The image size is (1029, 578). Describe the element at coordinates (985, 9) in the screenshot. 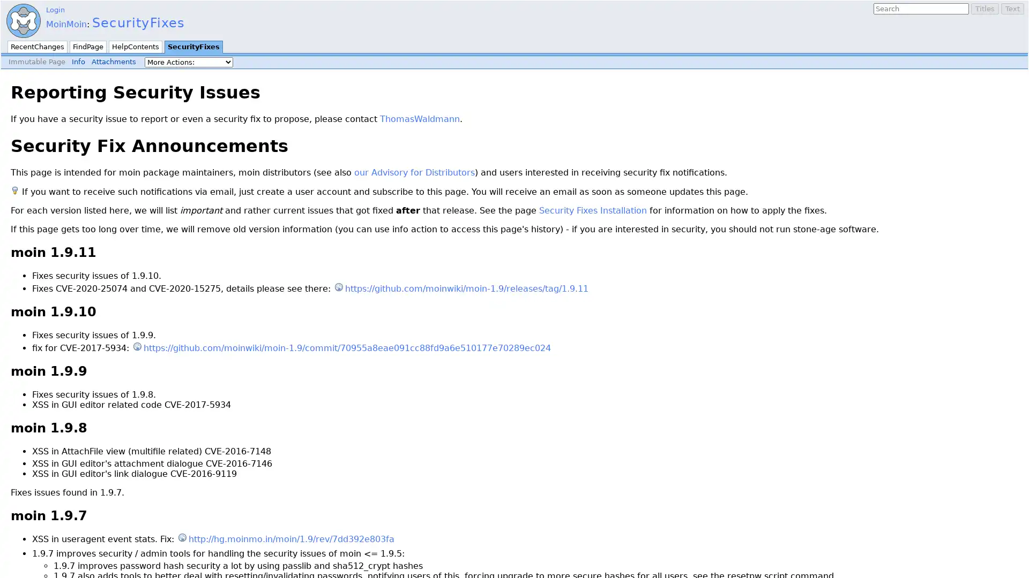

I see `Titles` at that location.